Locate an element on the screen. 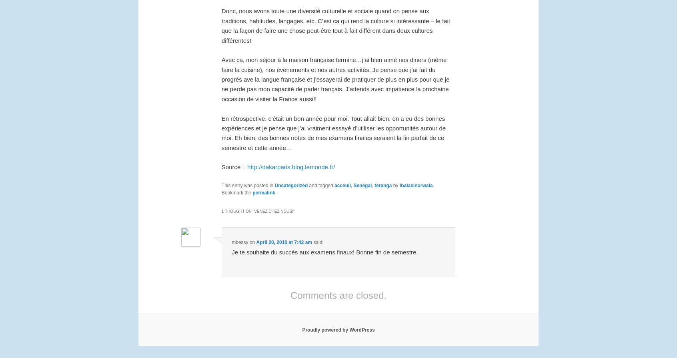  '1 thought on “' is located at coordinates (237, 210).